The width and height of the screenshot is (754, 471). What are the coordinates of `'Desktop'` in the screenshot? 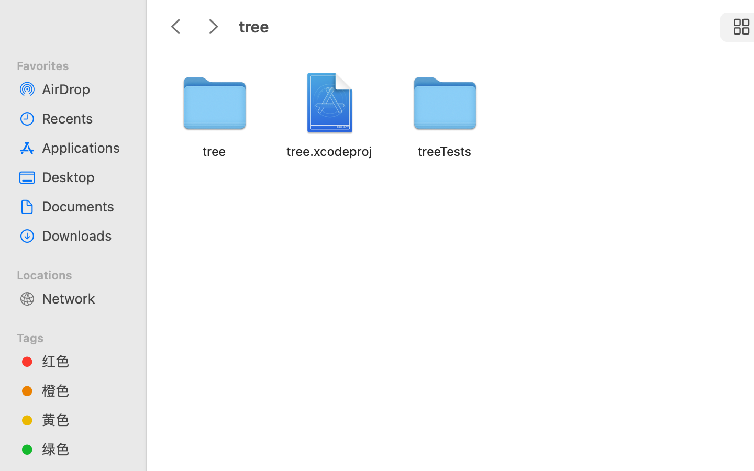 It's located at (83, 177).